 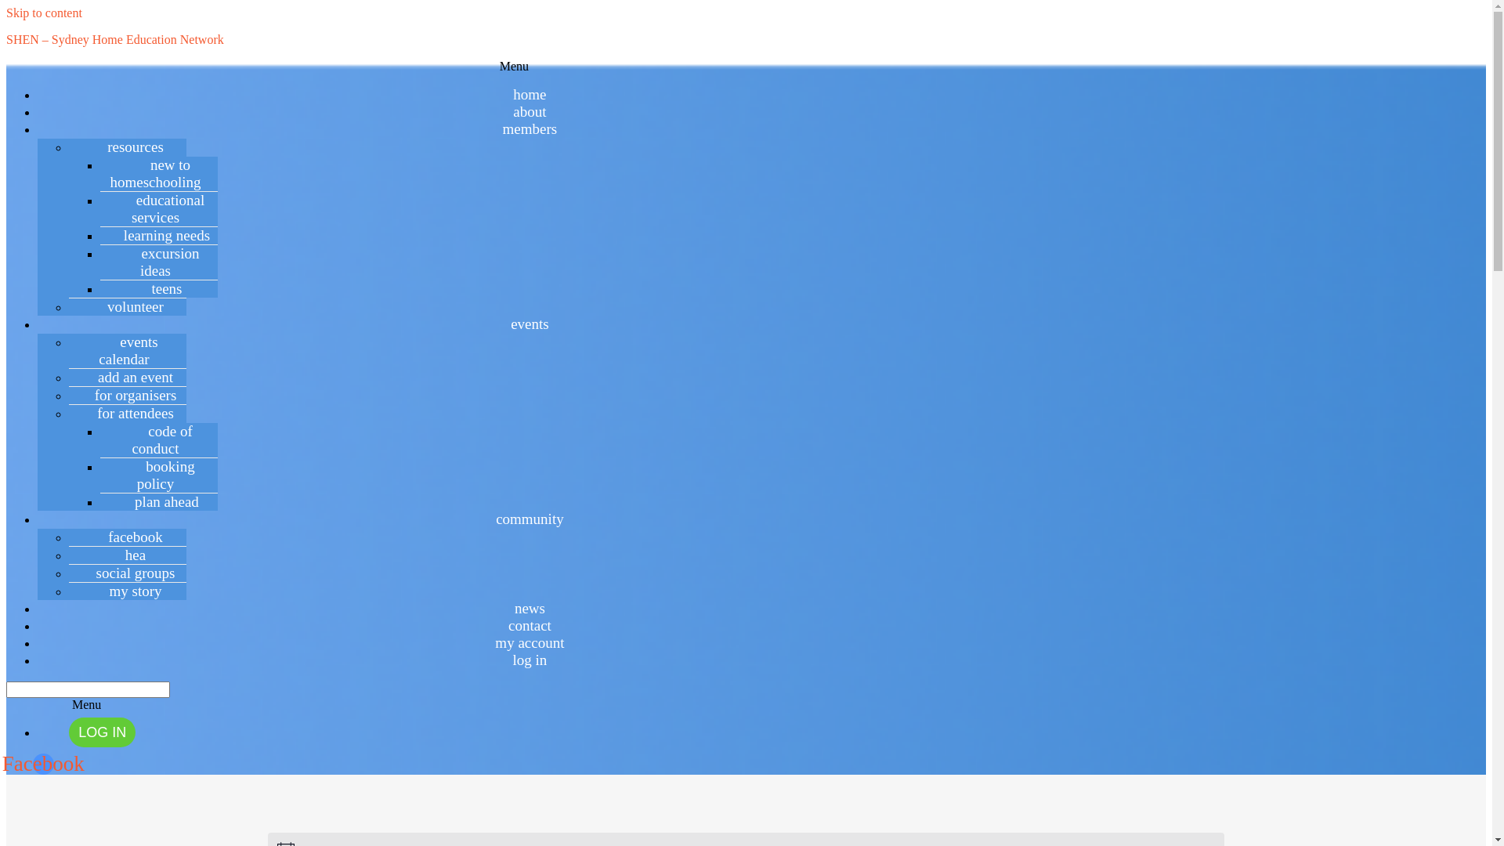 I want to click on 'booking policy', so click(x=158, y=474).